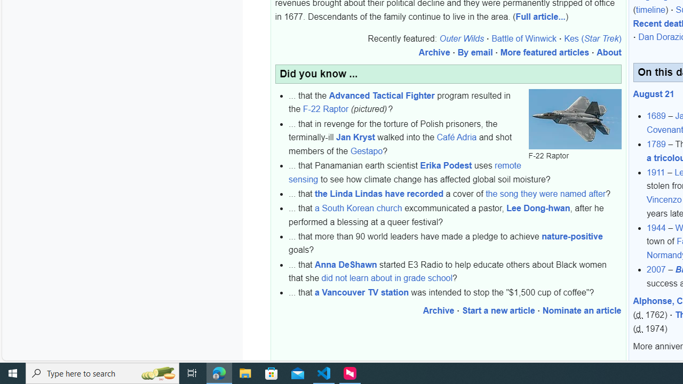  I want to click on 'Erika Podest', so click(446, 165).